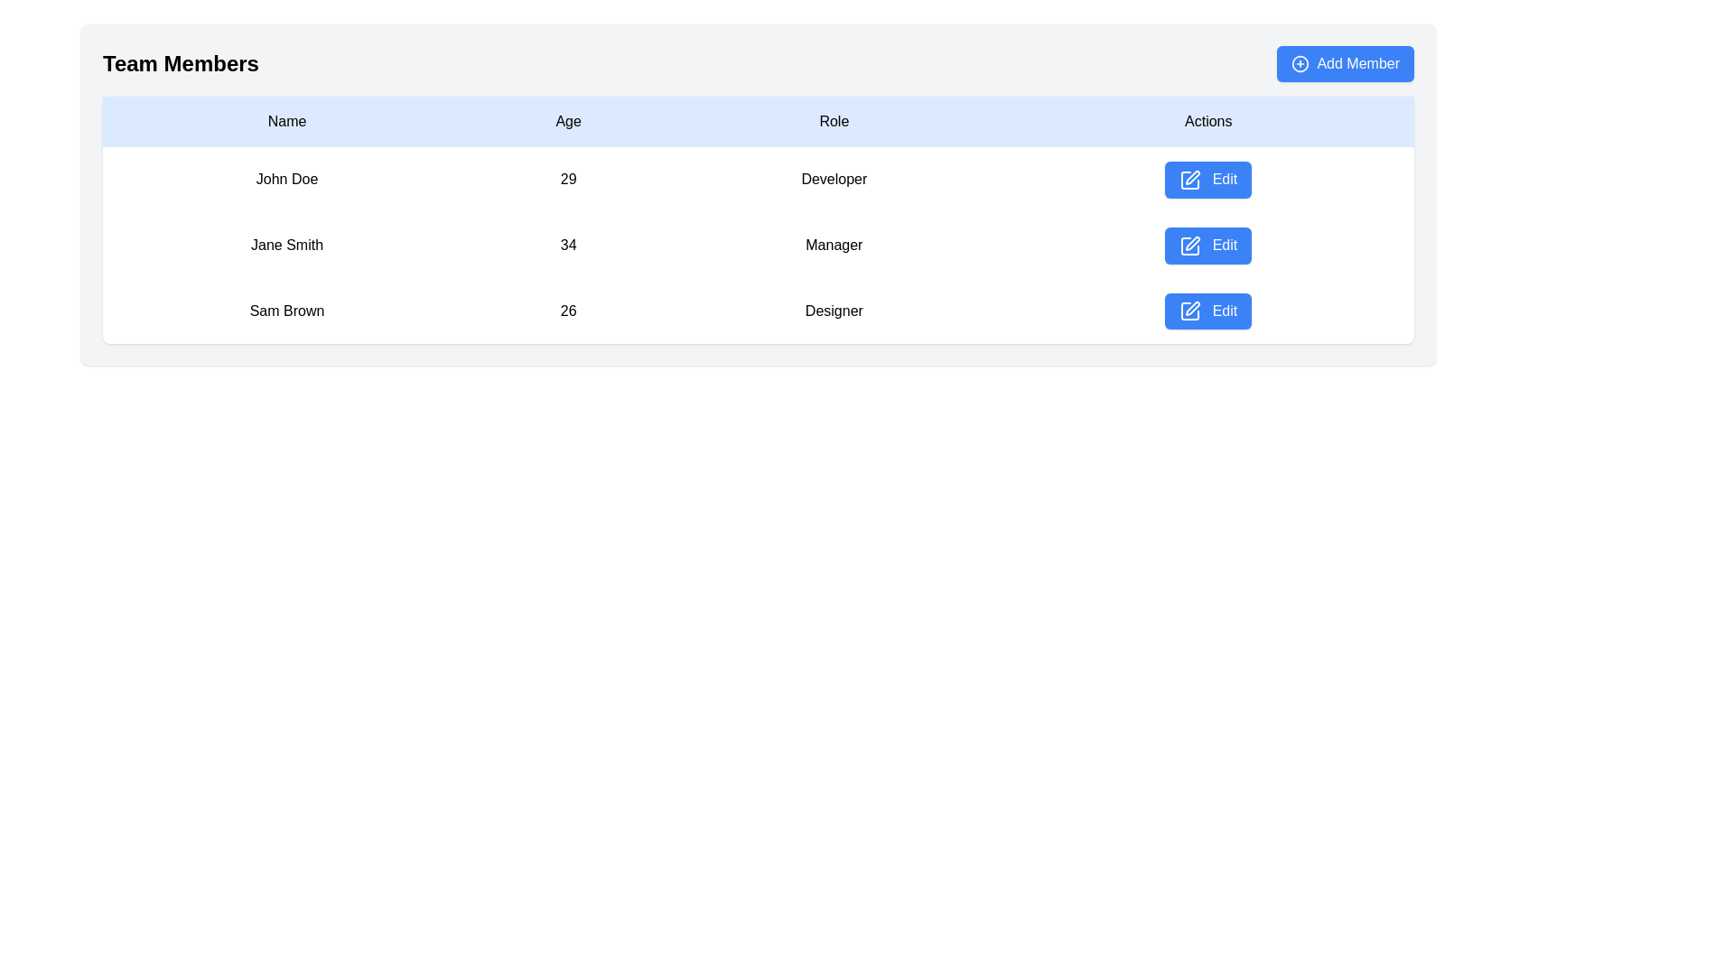  I want to click on the first row of the table containing the information for 'John Doe', age '29', role 'Developer', so click(759, 180).